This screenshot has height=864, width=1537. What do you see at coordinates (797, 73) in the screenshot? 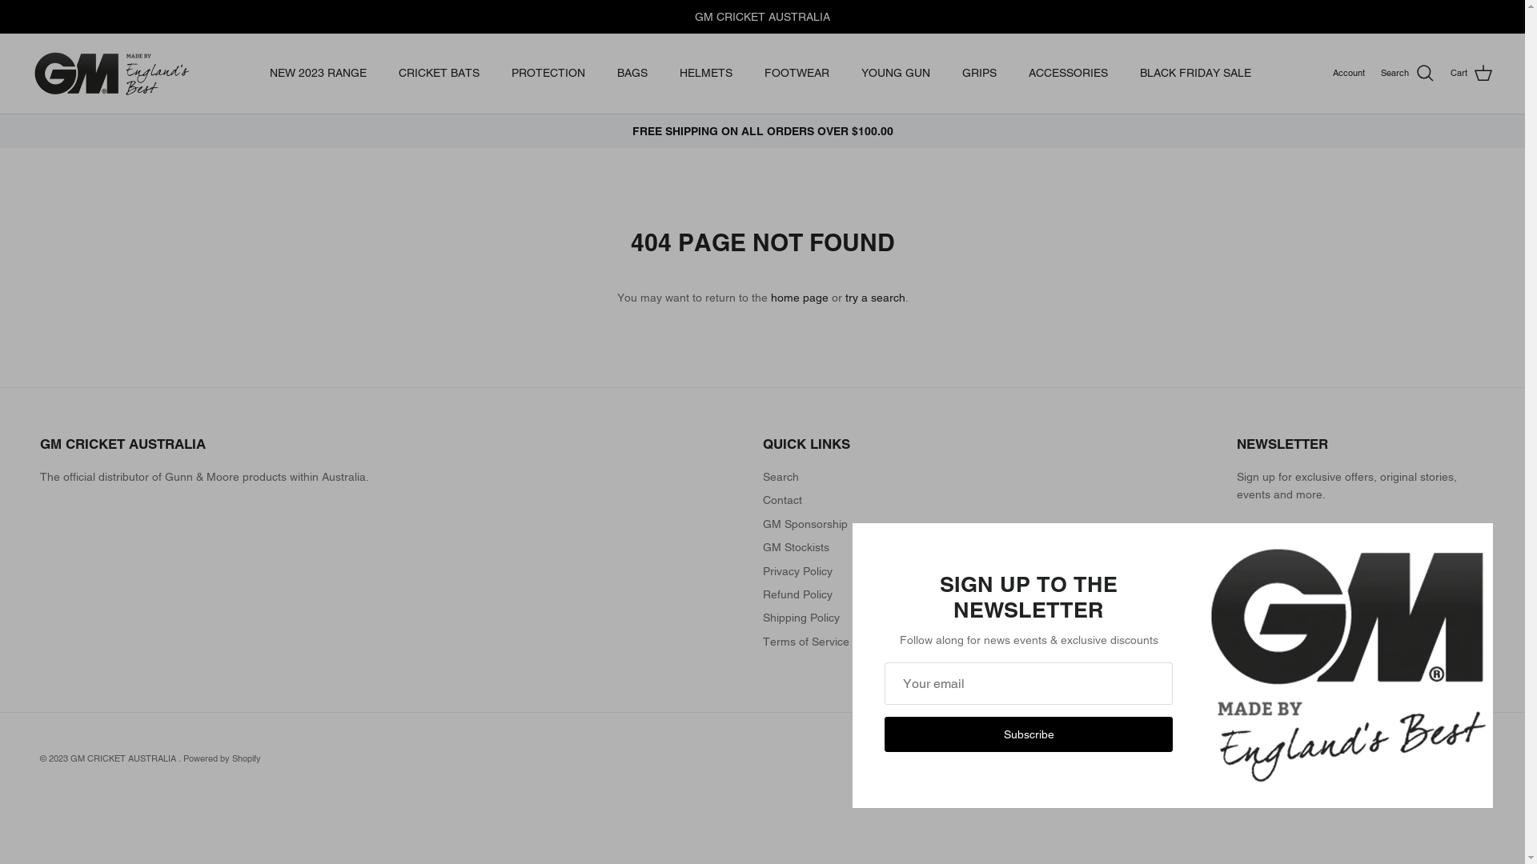
I see `'FOOTWEAR'` at bounding box center [797, 73].